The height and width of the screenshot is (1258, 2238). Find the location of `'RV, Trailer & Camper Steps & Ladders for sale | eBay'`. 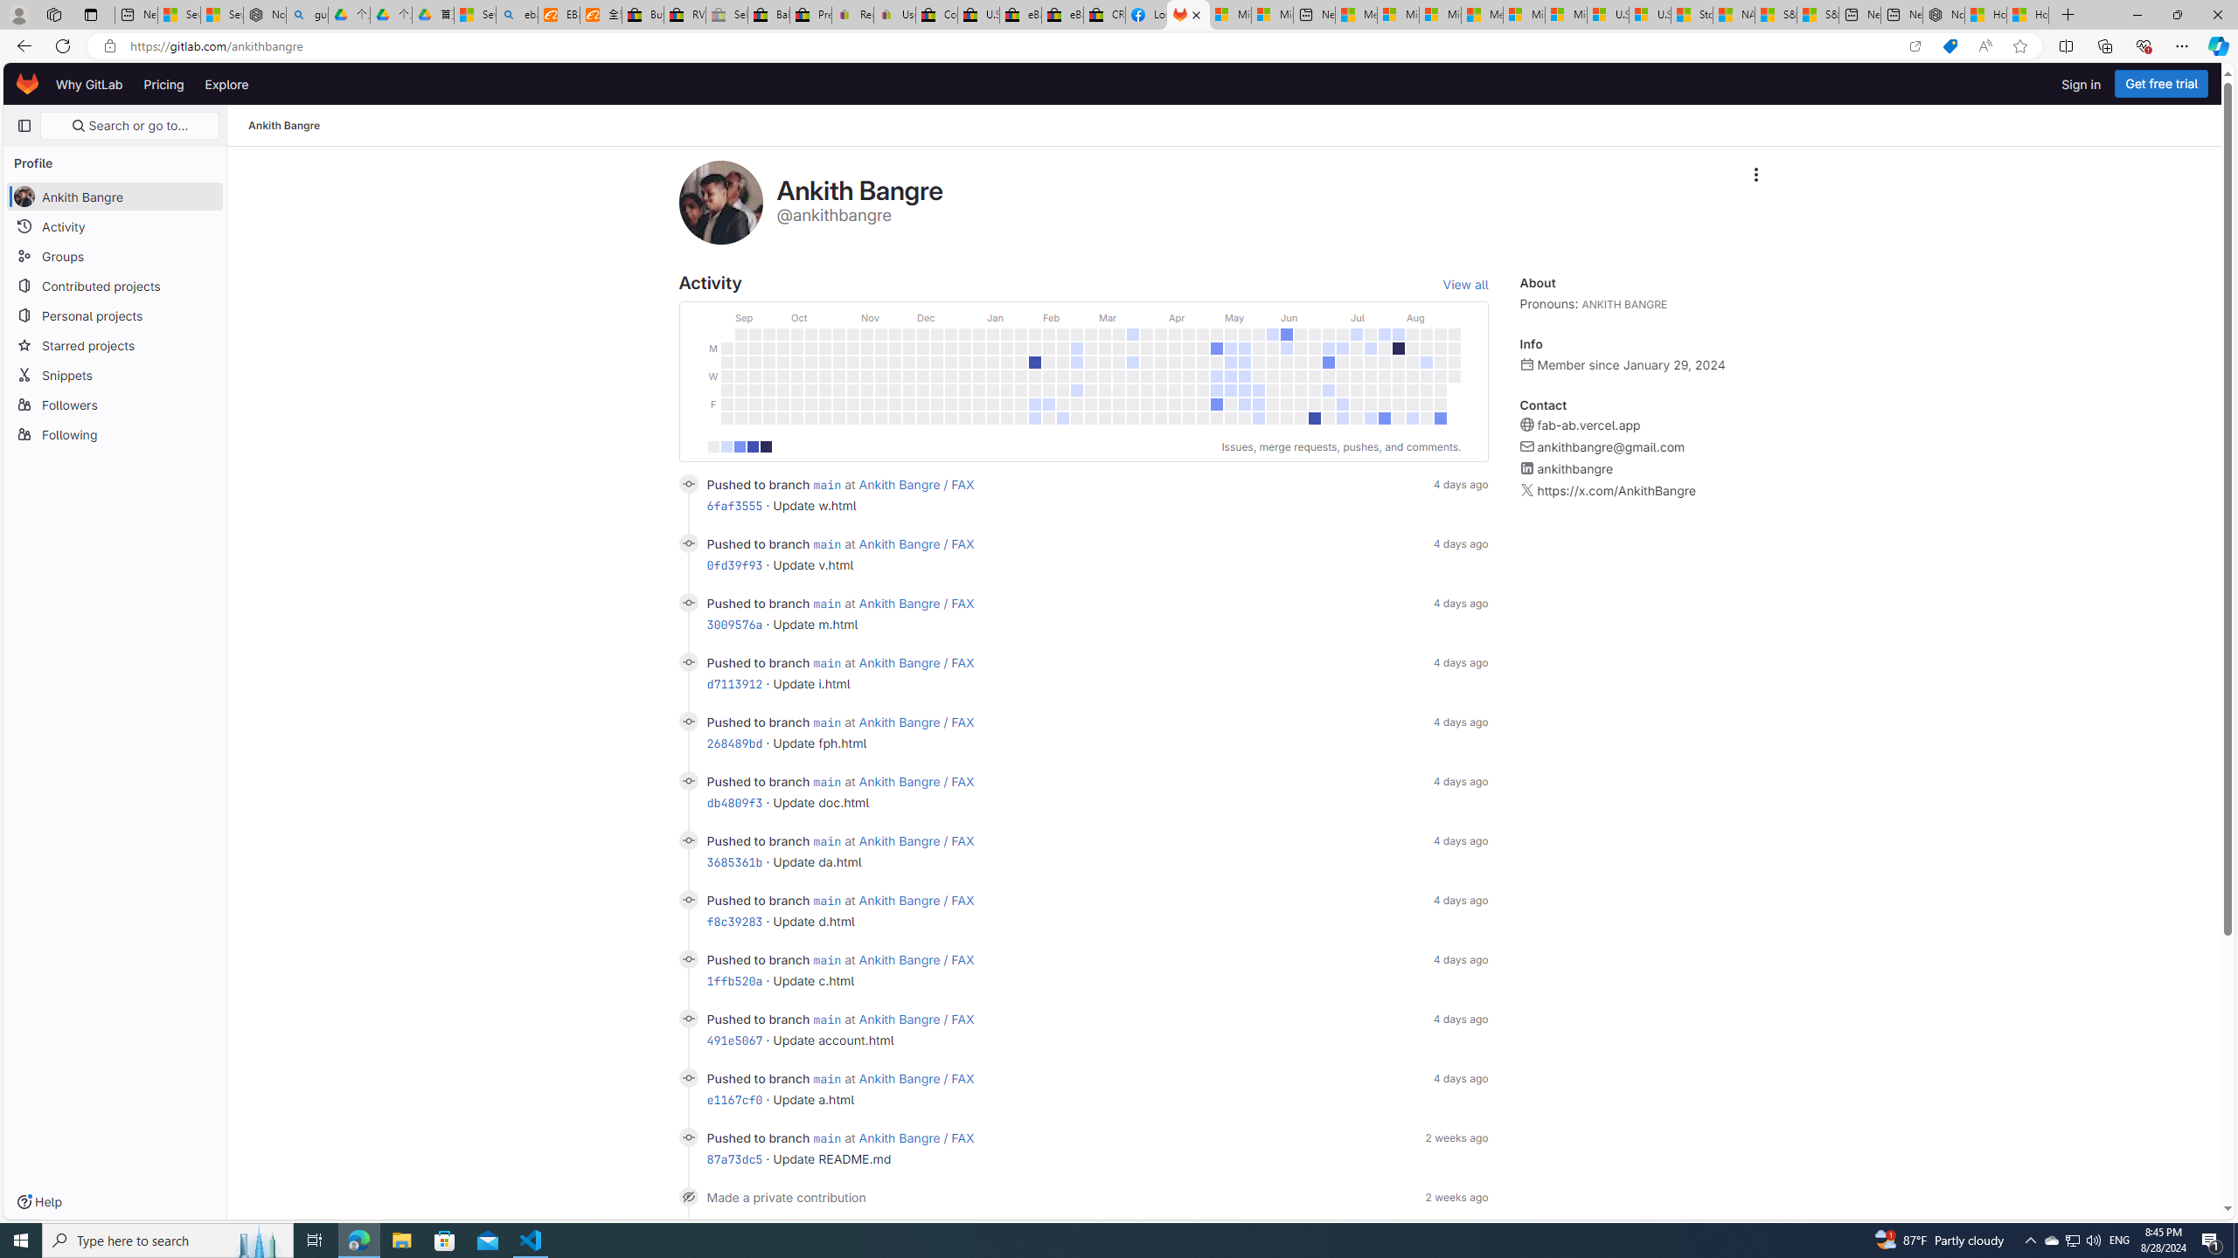

'RV, Trailer & Camper Steps & Ladders for sale | eBay' is located at coordinates (684, 14).